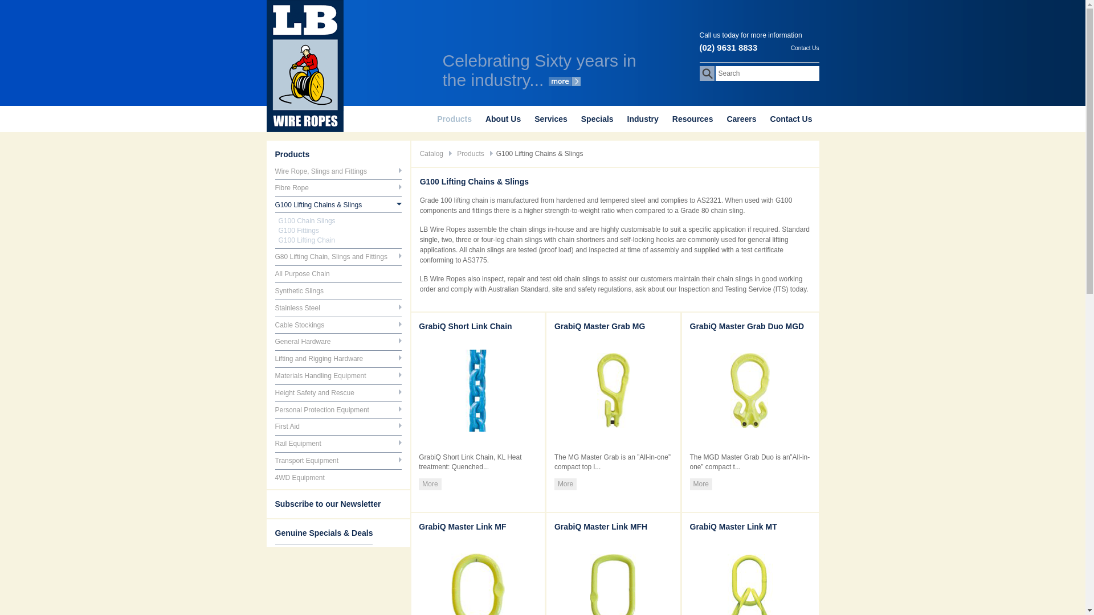  Describe the element at coordinates (790, 118) in the screenshot. I see `'Contact Us'` at that location.